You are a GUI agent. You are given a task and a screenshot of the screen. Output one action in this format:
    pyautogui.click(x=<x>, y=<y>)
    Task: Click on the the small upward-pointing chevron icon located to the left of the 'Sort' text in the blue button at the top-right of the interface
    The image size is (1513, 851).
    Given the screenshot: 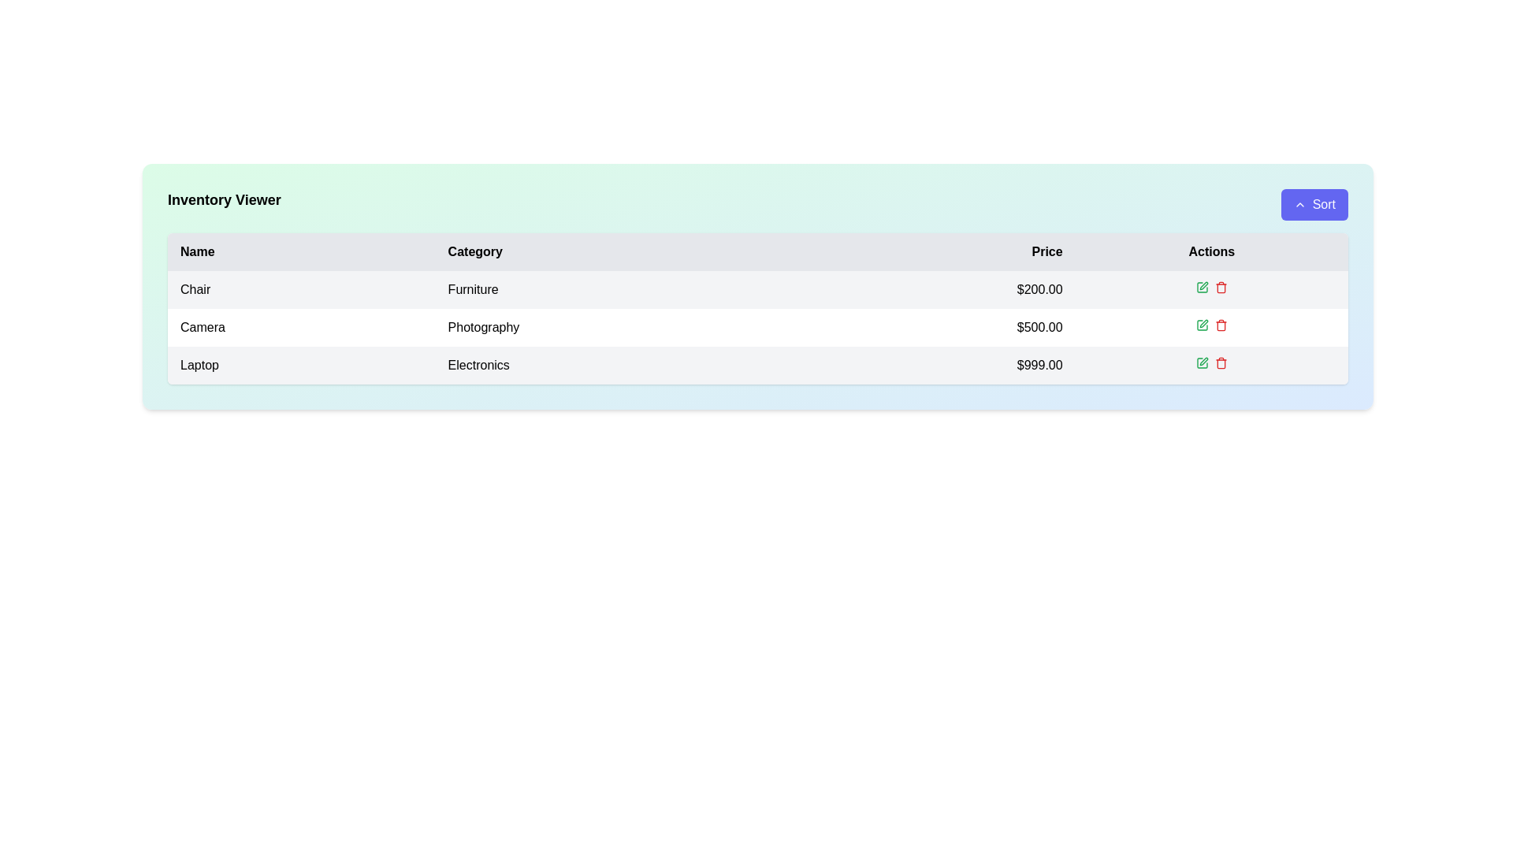 What is the action you would take?
    pyautogui.click(x=1299, y=203)
    